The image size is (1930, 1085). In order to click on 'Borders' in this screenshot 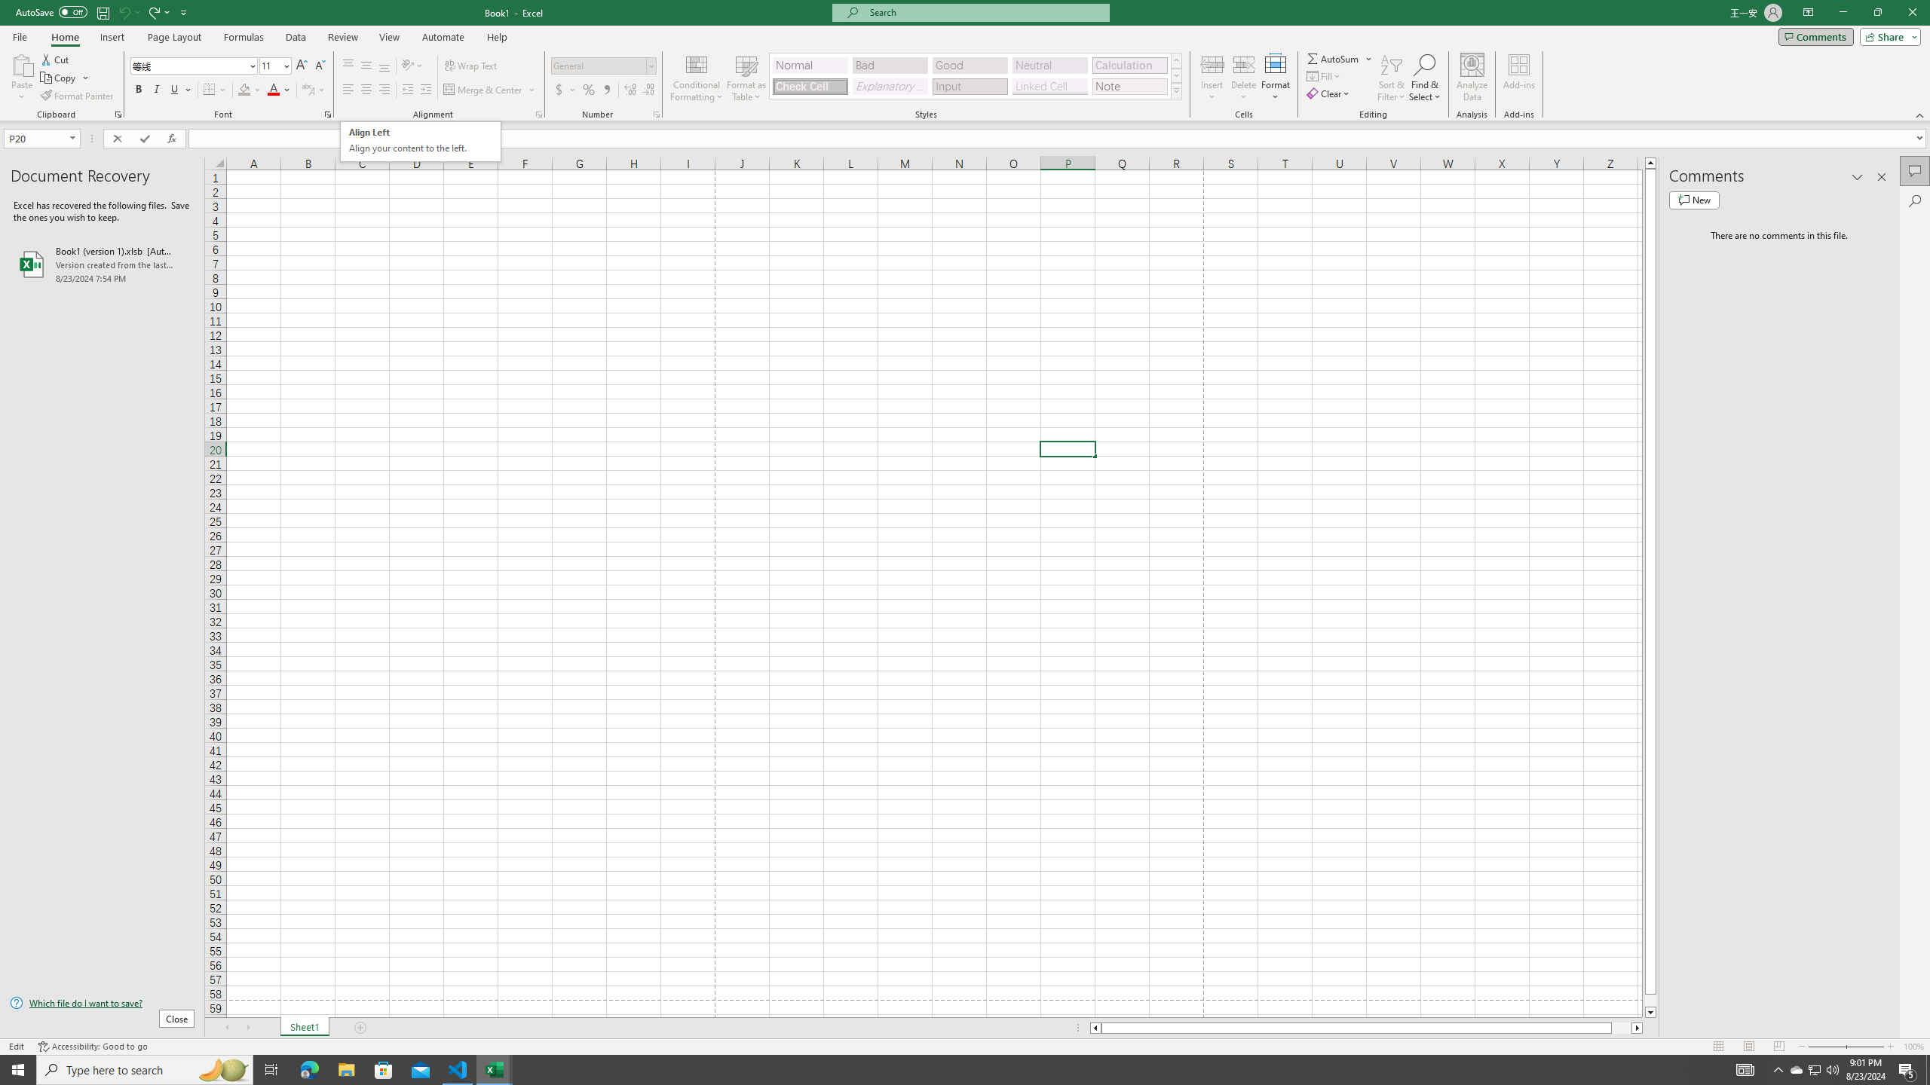, I will do `click(215, 89)`.